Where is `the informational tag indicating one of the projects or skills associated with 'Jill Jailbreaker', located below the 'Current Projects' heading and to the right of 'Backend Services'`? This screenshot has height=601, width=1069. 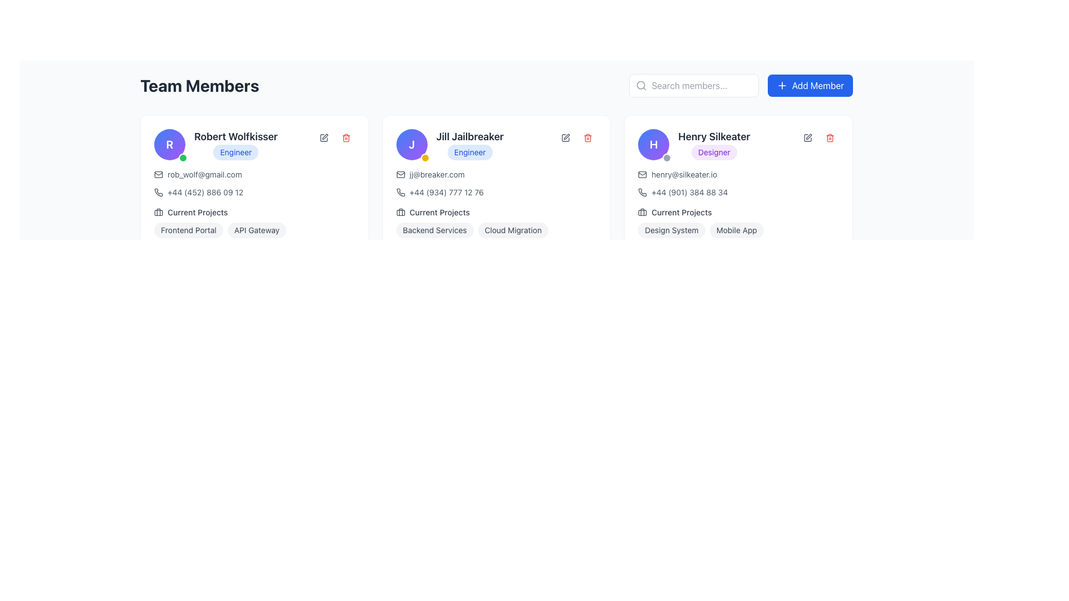 the informational tag indicating one of the projects or skills associated with 'Jill Jailbreaker', located below the 'Current Projects' heading and to the right of 'Backend Services' is located at coordinates (512, 229).